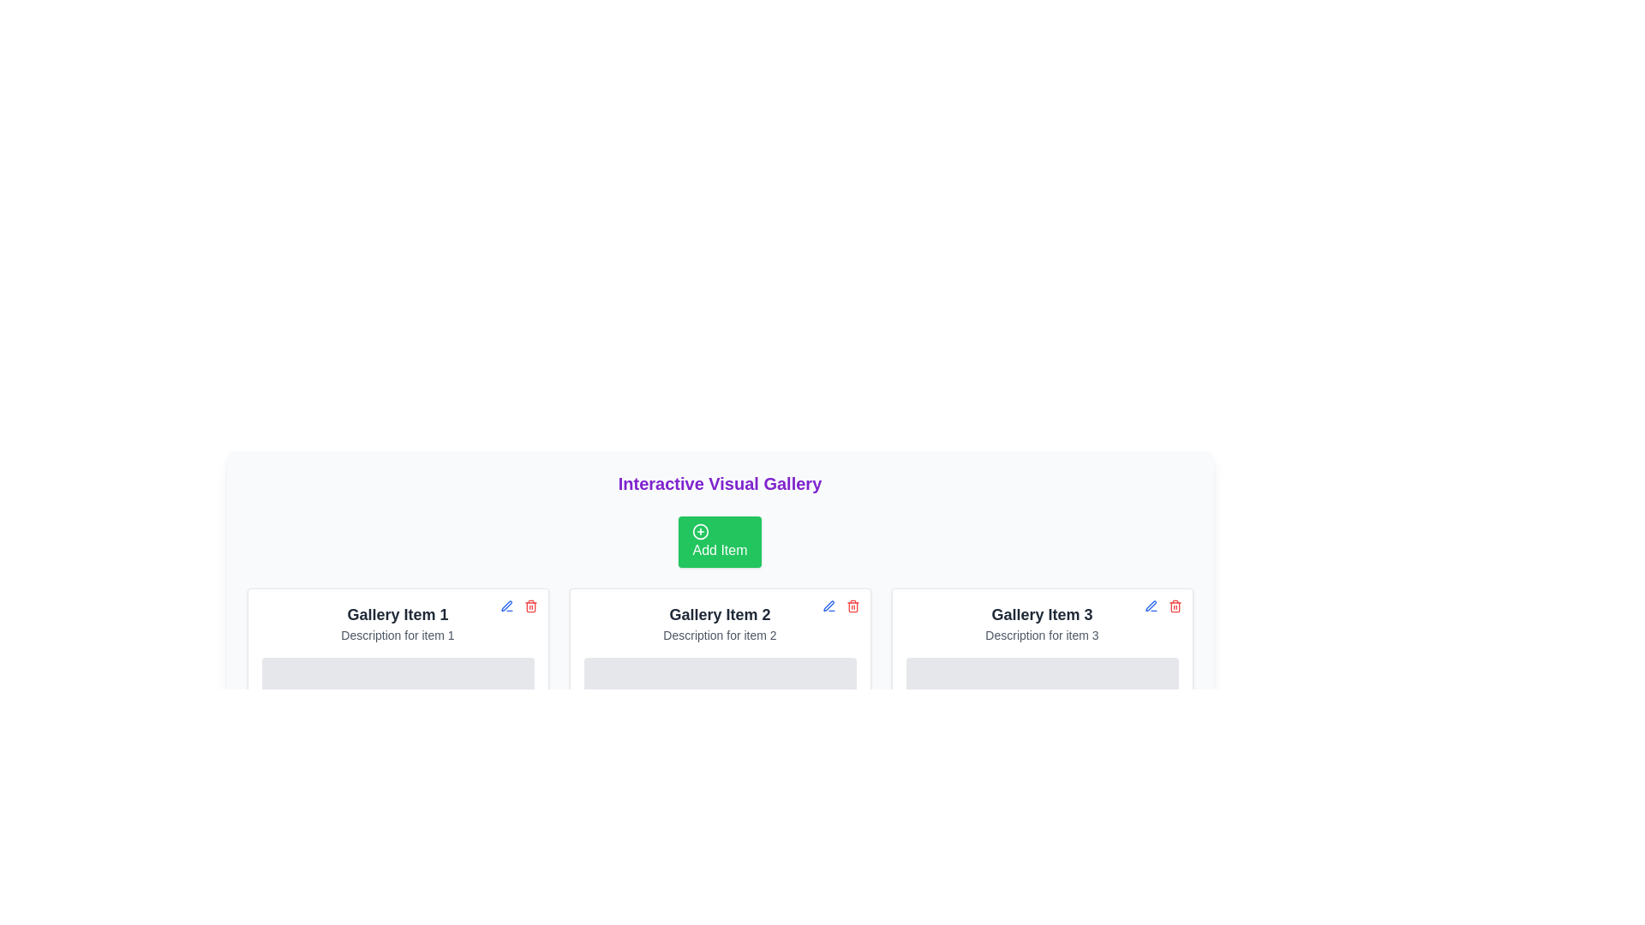 The height and width of the screenshot is (925, 1645). I want to click on the 'Add Item' button icon, which is a visual representation for adding new items, located at the top-center of the grid interface, so click(701, 531).